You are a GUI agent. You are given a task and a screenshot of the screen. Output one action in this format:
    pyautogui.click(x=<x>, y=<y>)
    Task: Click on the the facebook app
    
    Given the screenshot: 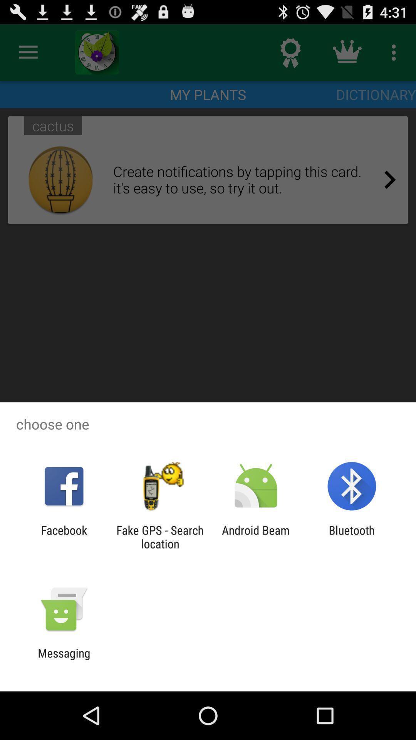 What is the action you would take?
    pyautogui.click(x=64, y=536)
    